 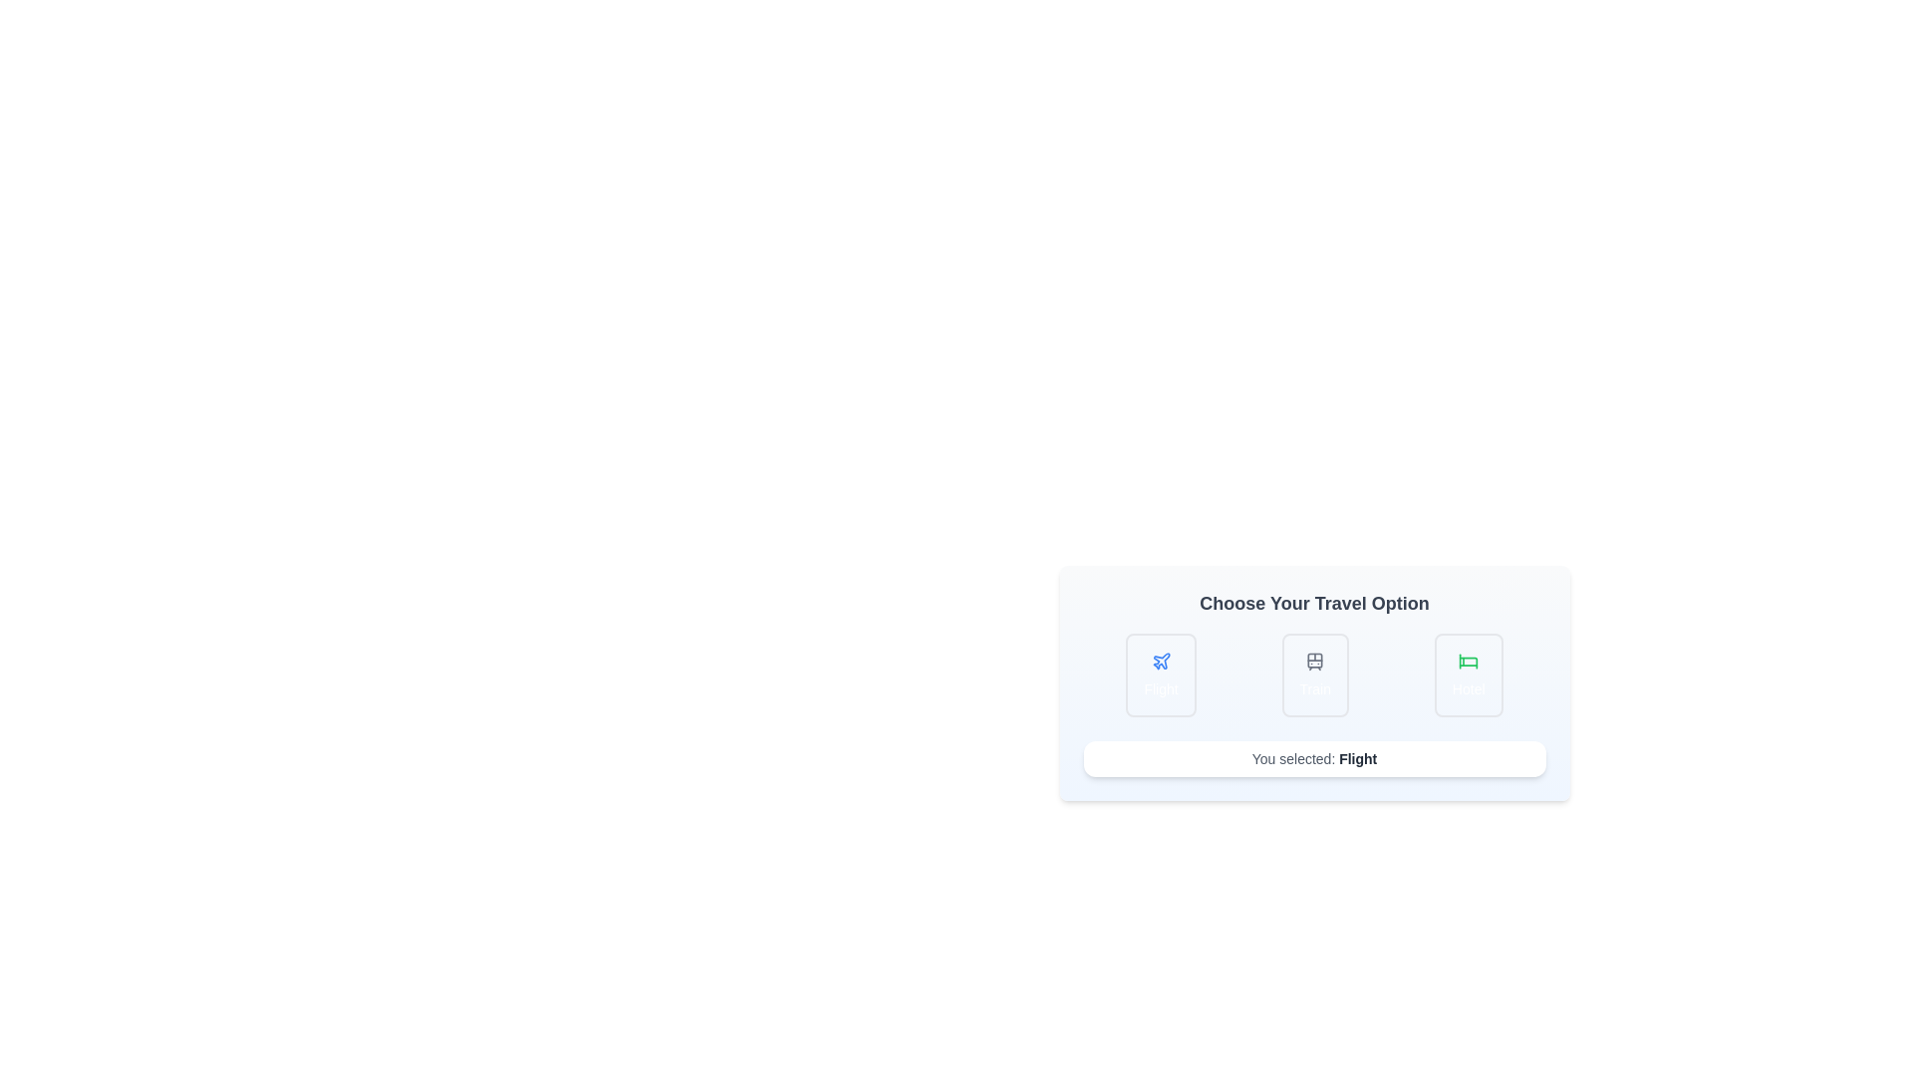 I want to click on text displayed in the label confirming the user's selected travel option, located centrally under the 'Choose Your Travel Option' title, so click(x=1314, y=759).